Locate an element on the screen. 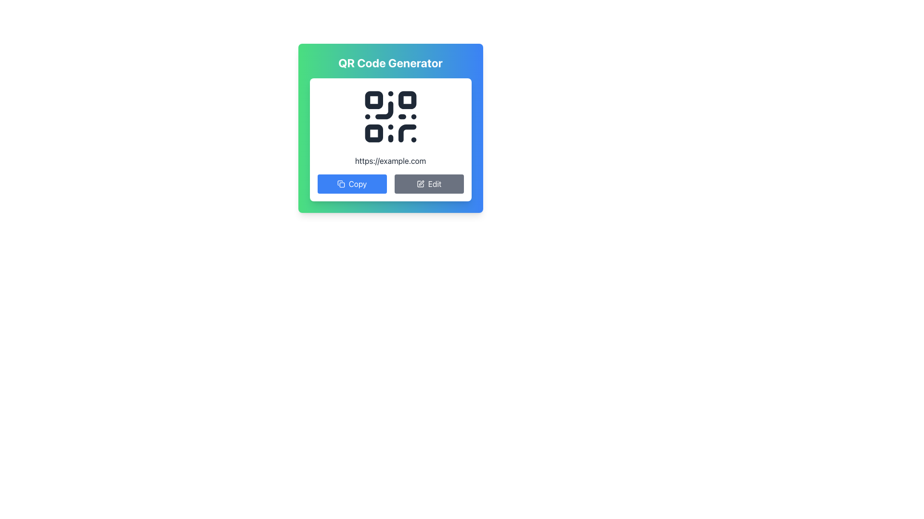  the editing icon located to the left of the 'Edit' button, which visually indicates the action of editing is located at coordinates (420, 184).